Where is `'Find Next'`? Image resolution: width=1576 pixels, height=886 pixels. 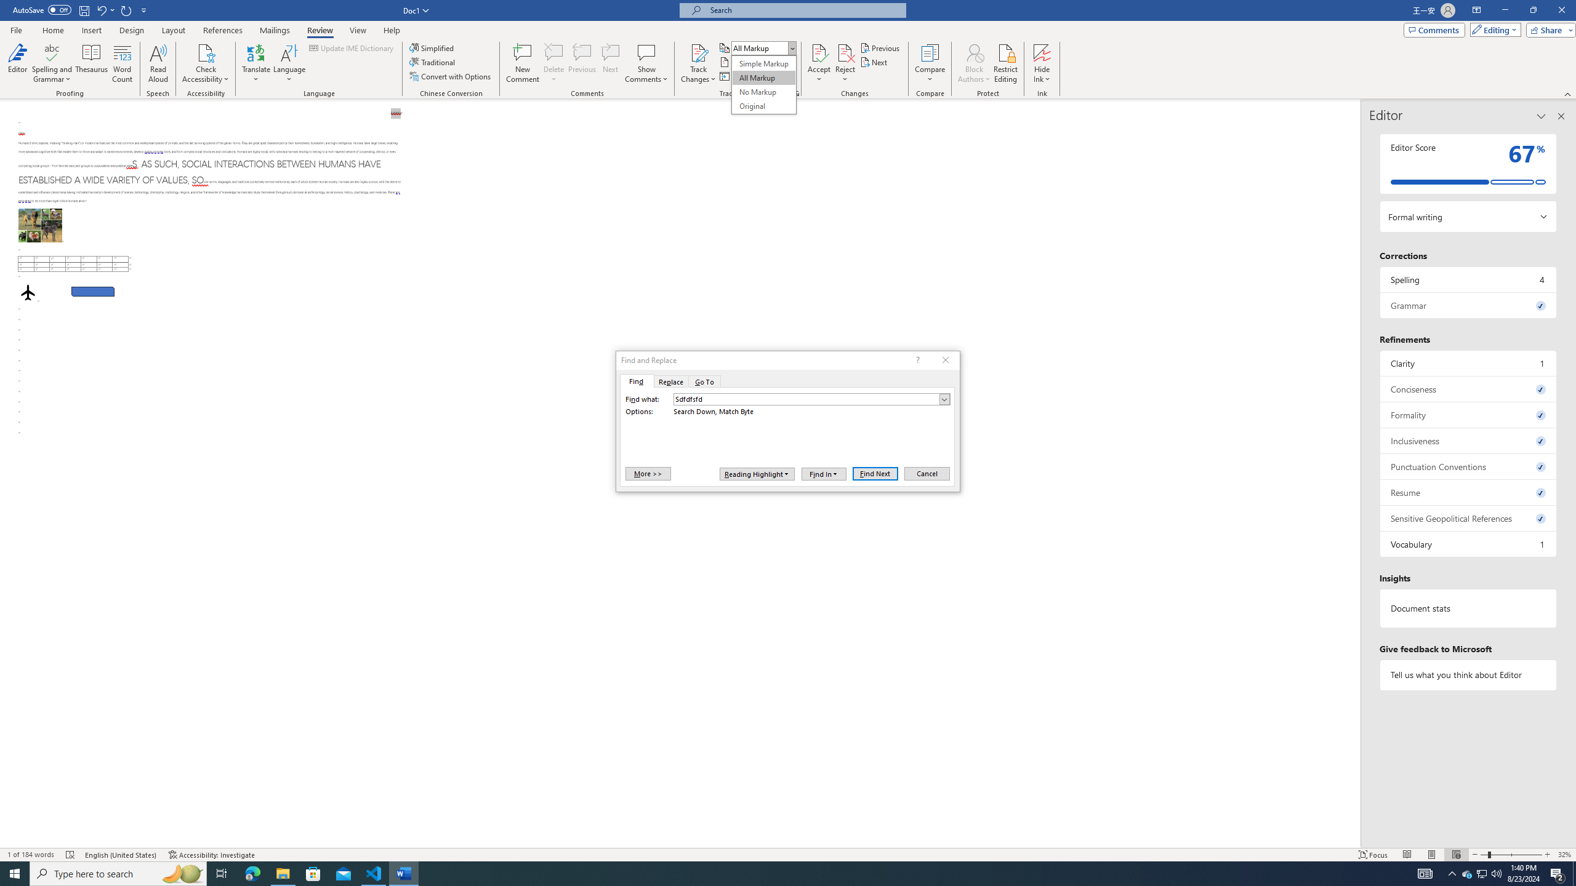 'Find Next' is located at coordinates (875, 473).